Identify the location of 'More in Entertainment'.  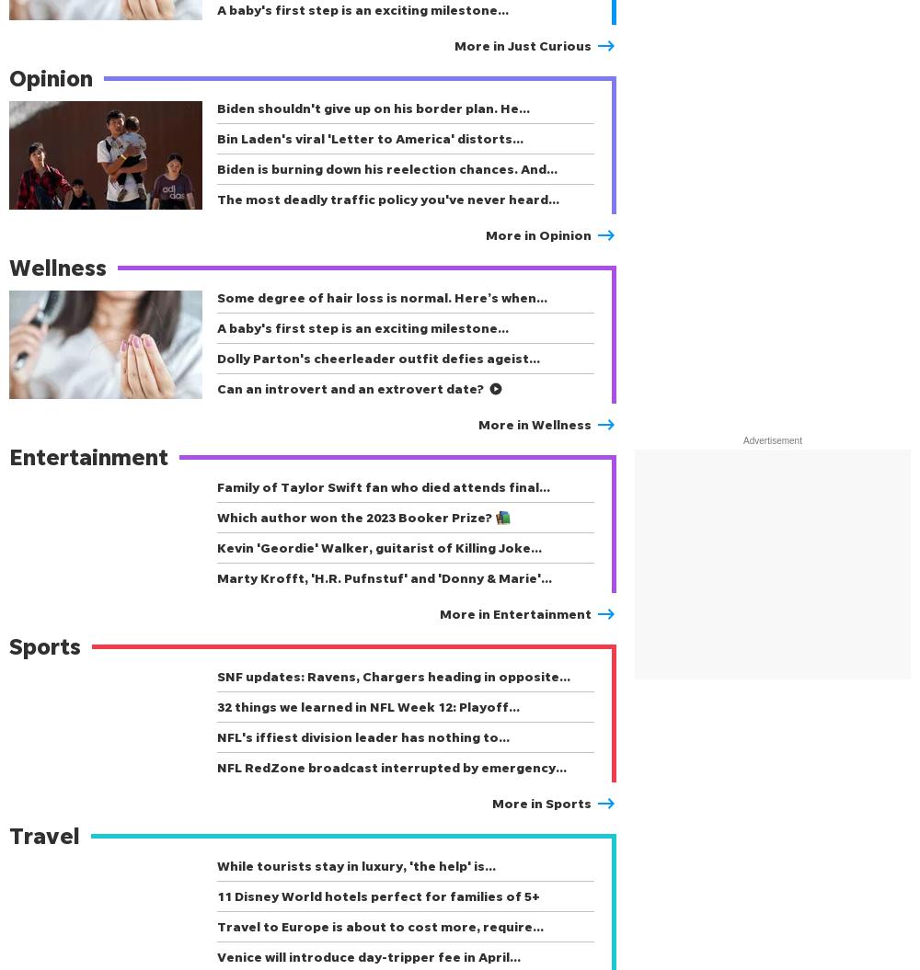
(515, 612).